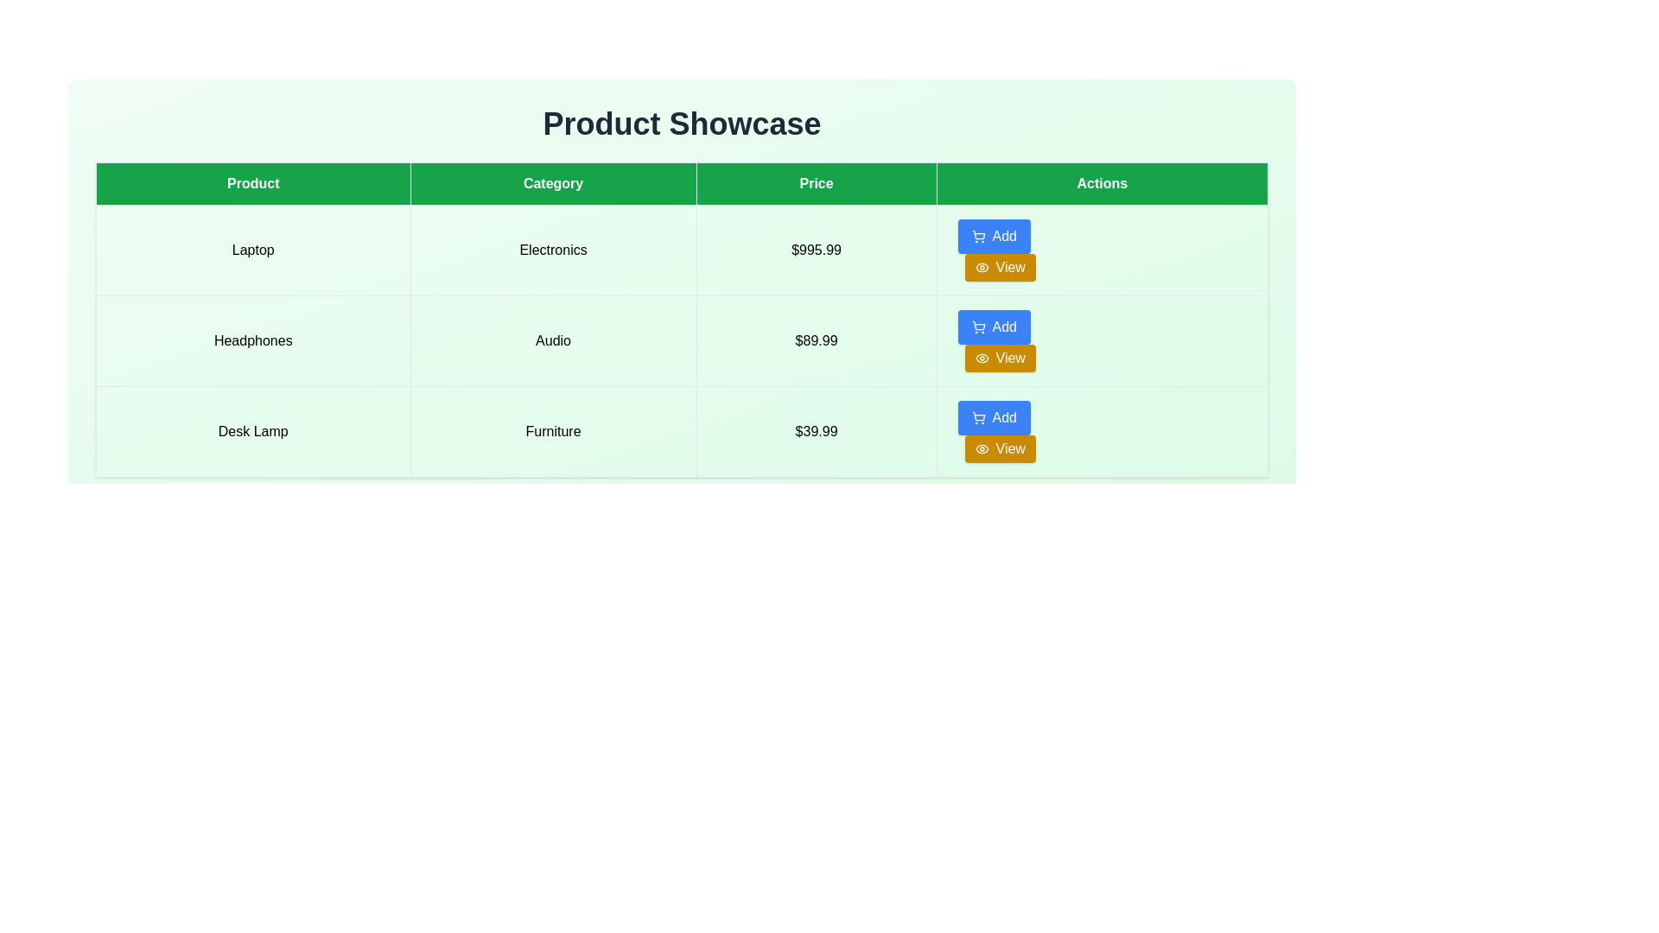  I want to click on the 'Furniture' text label in the second column of the row labeled 'Desk Lamp' in the structured grid layout, so click(553, 431).